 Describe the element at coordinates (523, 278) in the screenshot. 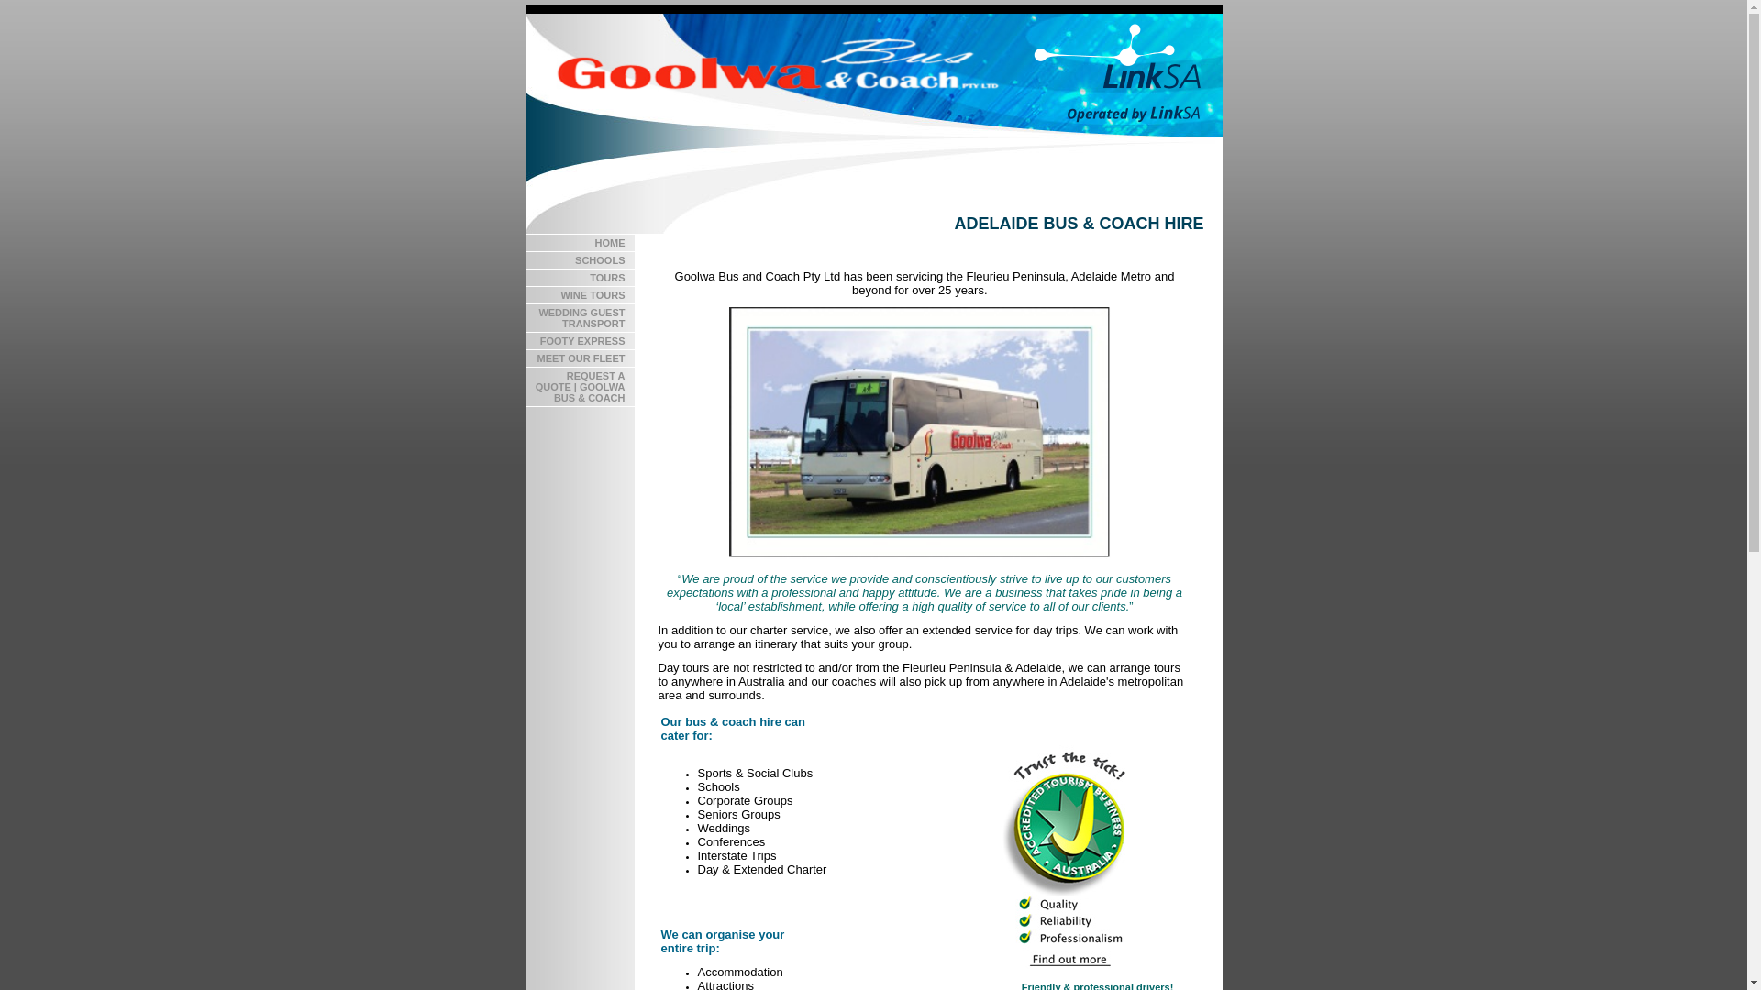

I see `'TOURS'` at that location.